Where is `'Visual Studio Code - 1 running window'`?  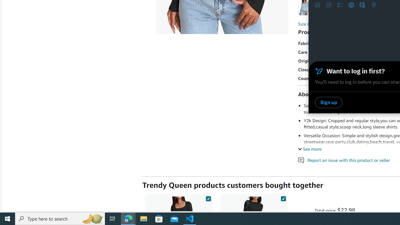
'Visual Studio Code - 1 running window' is located at coordinates (189, 218).